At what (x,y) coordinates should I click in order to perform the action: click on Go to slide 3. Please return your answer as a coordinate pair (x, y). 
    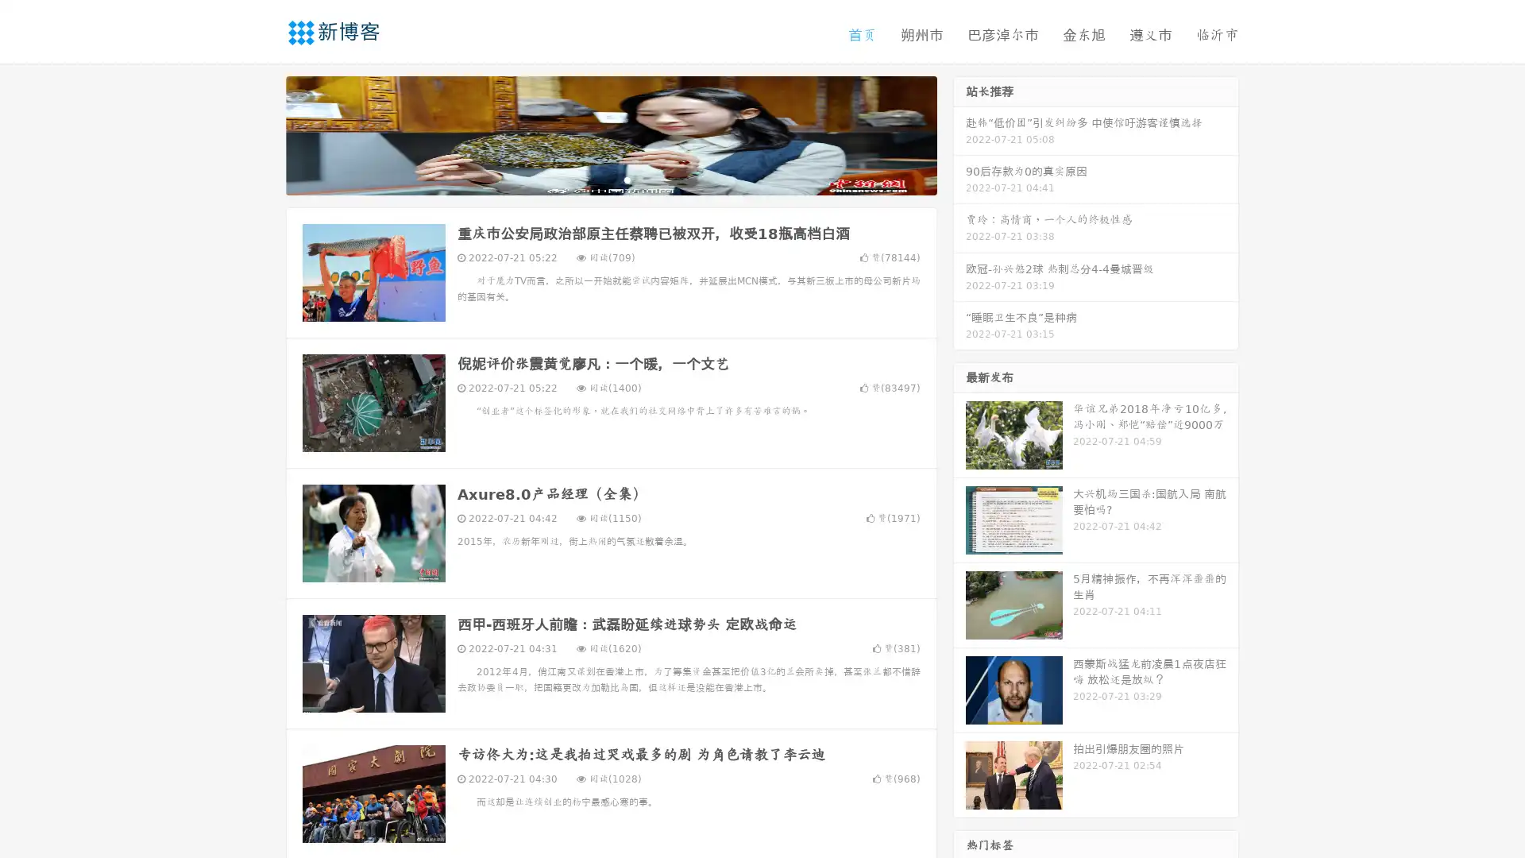
    Looking at the image, I should click on (627, 179).